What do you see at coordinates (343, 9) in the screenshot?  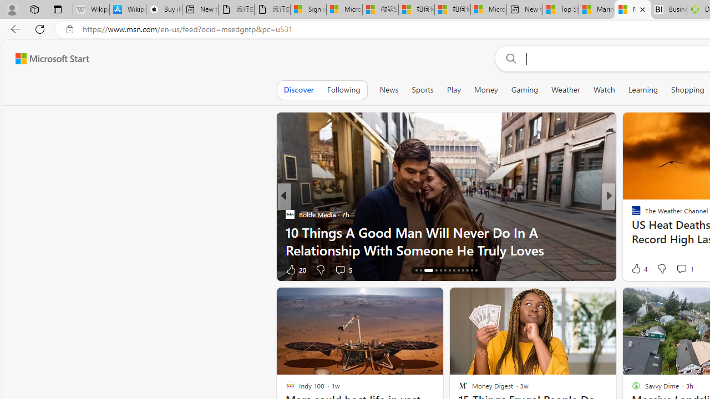 I see `'Microsoft Services Agreement'` at bounding box center [343, 9].